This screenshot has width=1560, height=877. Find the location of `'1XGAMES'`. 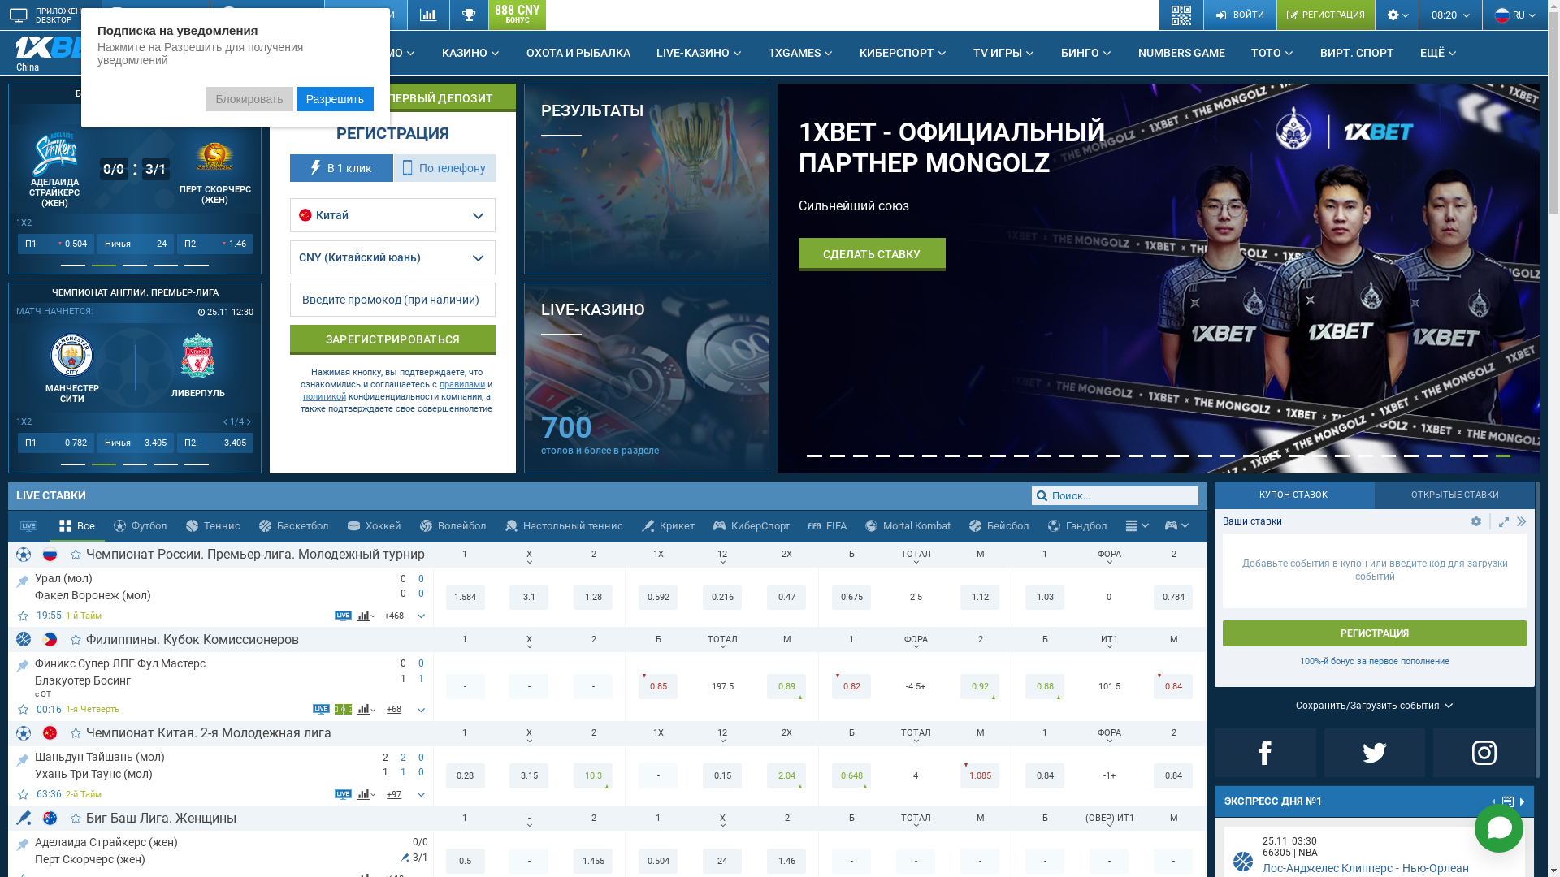

'1XGAMES' is located at coordinates (800, 52).